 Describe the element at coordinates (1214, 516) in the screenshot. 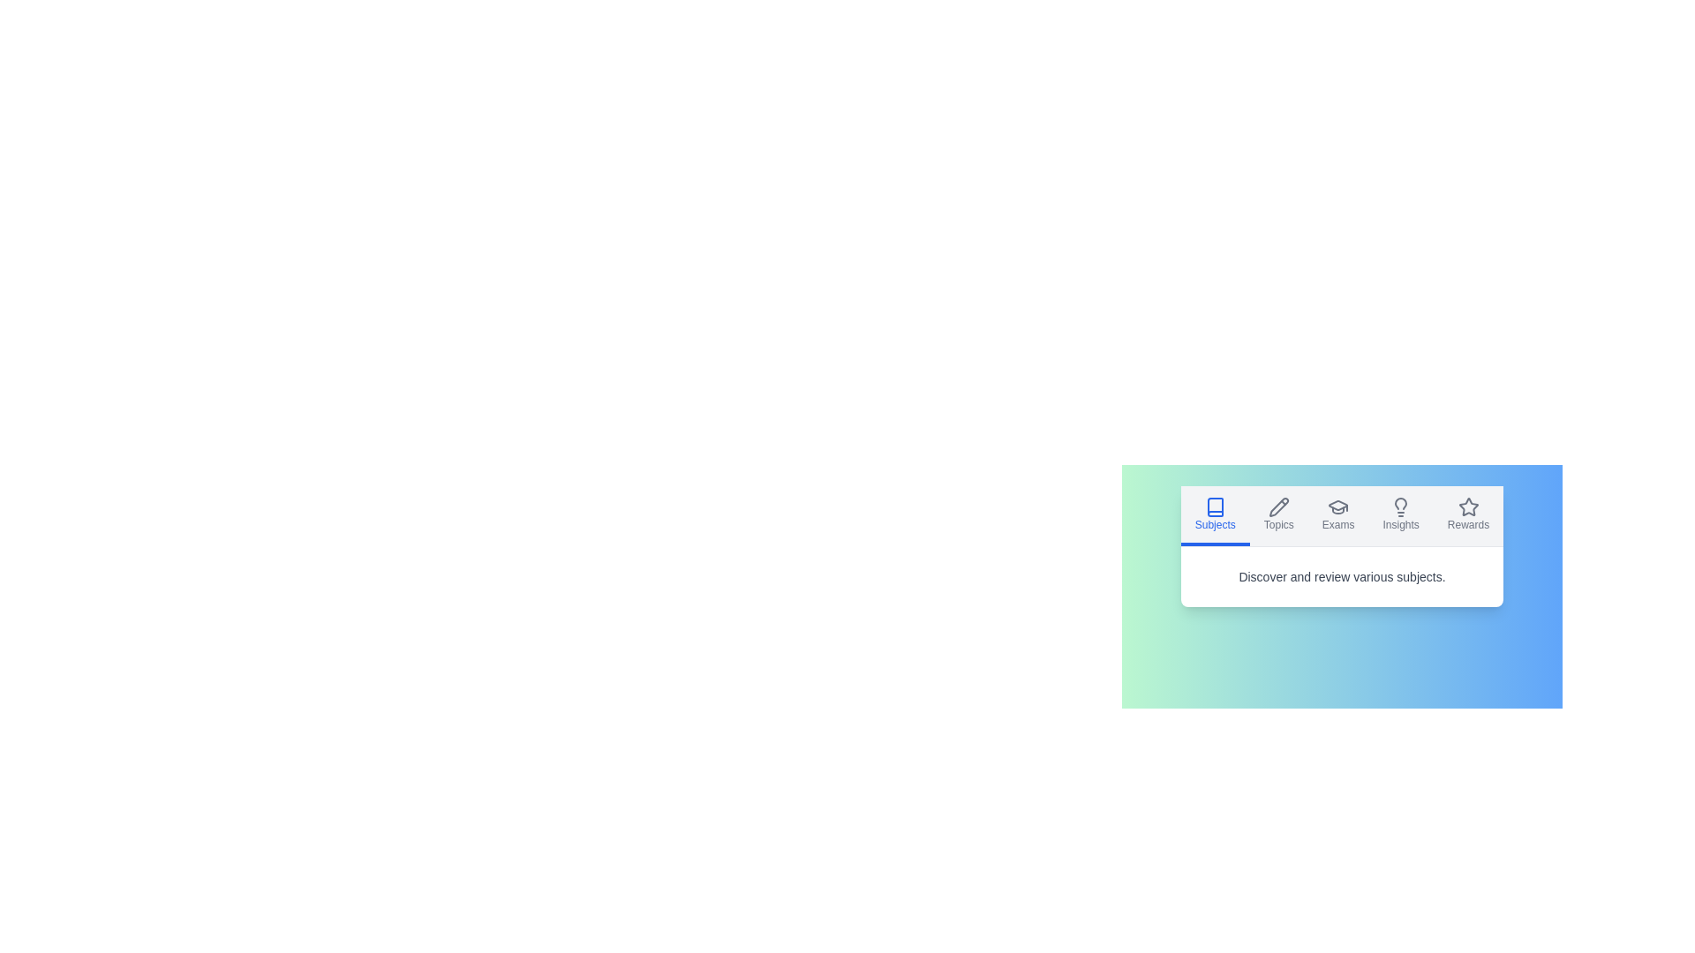

I see `the Subjects tab by clicking on its corresponding button` at that location.